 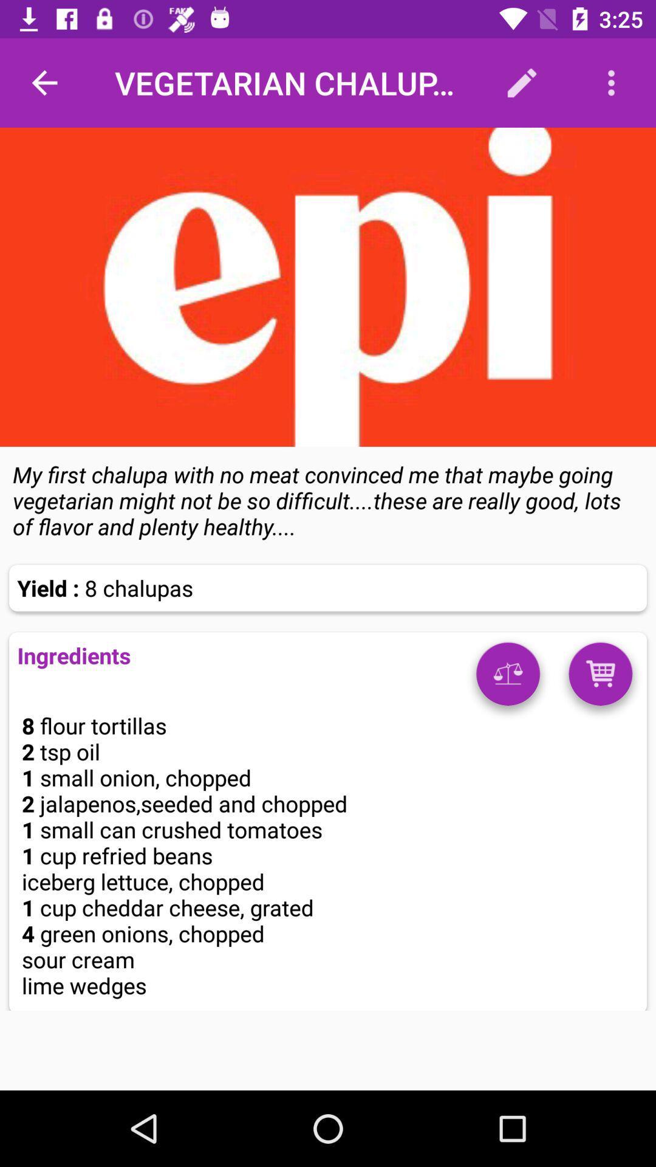 What do you see at coordinates (600, 678) in the screenshot?
I see `the icon below the my first chalupa item` at bounding box center [600, 678].